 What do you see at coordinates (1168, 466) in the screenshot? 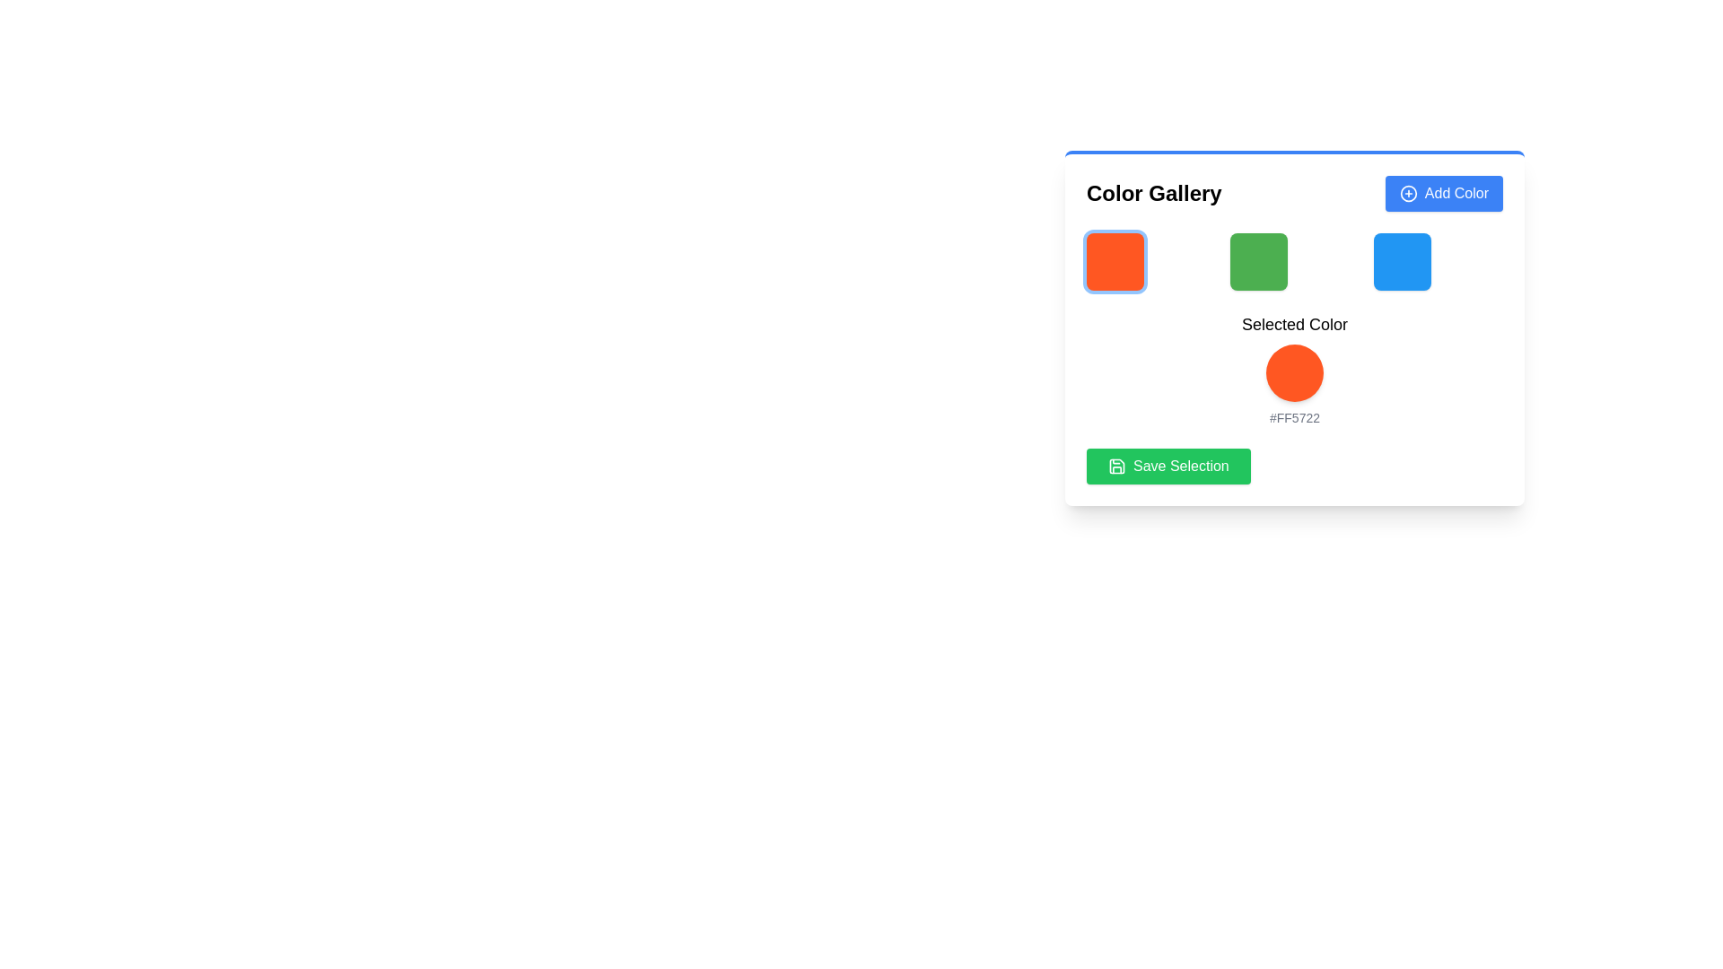
I see `the green 'Save Selection' button with a white save icon located in the bottom-right section of the 'Color Gallery' panel` at bounding box center [1168, 466].